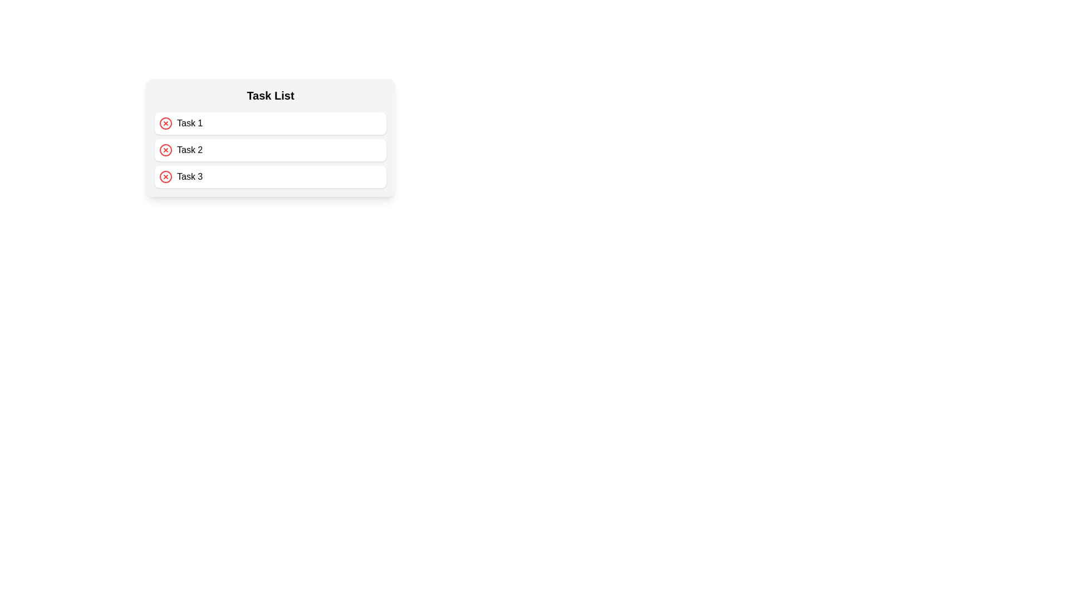 This screenshot has width=1069, height=601. What do you see at coordinates (181, 150) in the screenshot?
I see `the text 'Task 2' next to the circular red icon with a white 'X' to edit the task content` at bounding box center [181, 150].